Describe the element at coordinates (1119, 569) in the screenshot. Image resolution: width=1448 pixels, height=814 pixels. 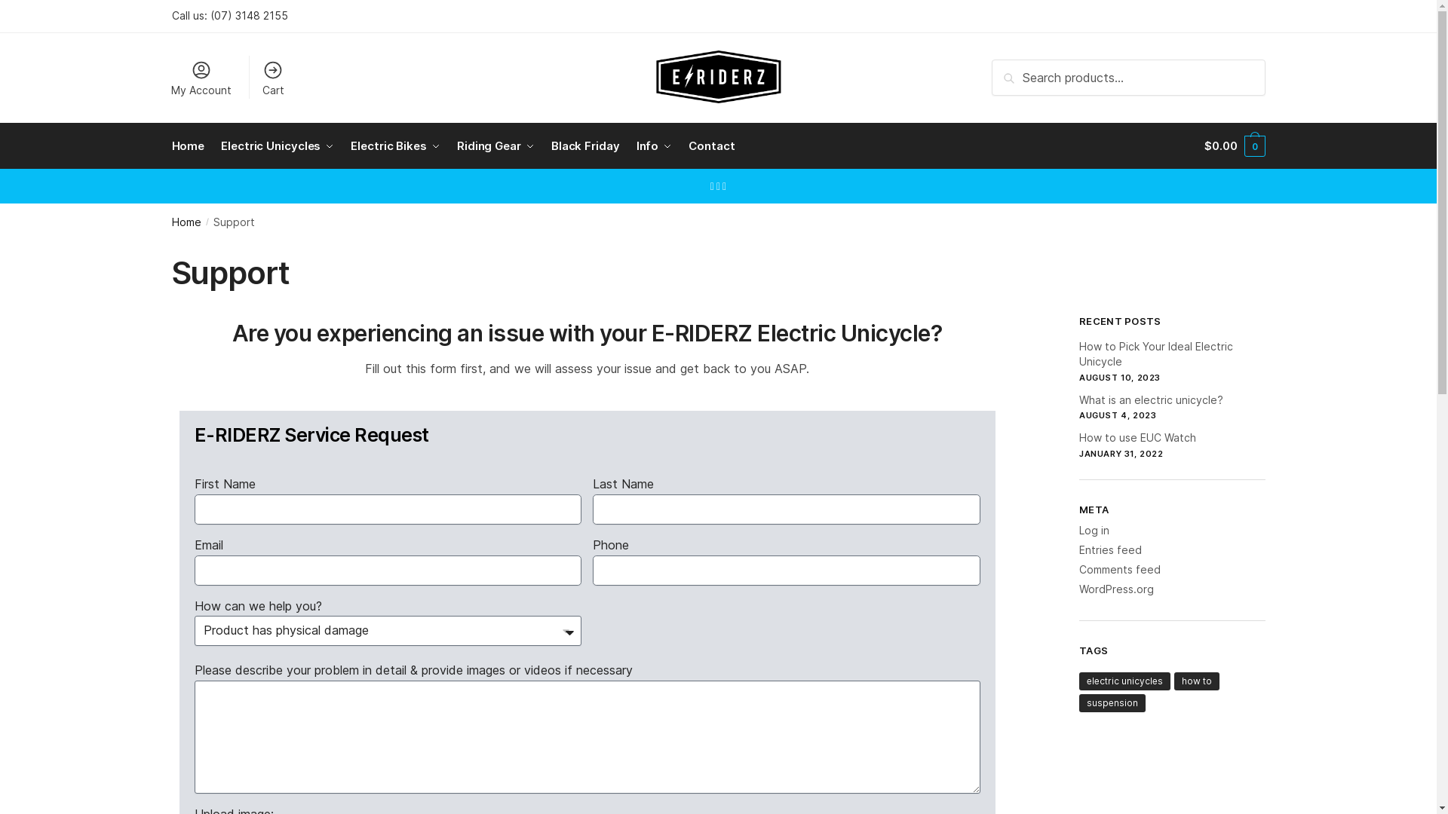
I see `'Comments feed'` at that location.